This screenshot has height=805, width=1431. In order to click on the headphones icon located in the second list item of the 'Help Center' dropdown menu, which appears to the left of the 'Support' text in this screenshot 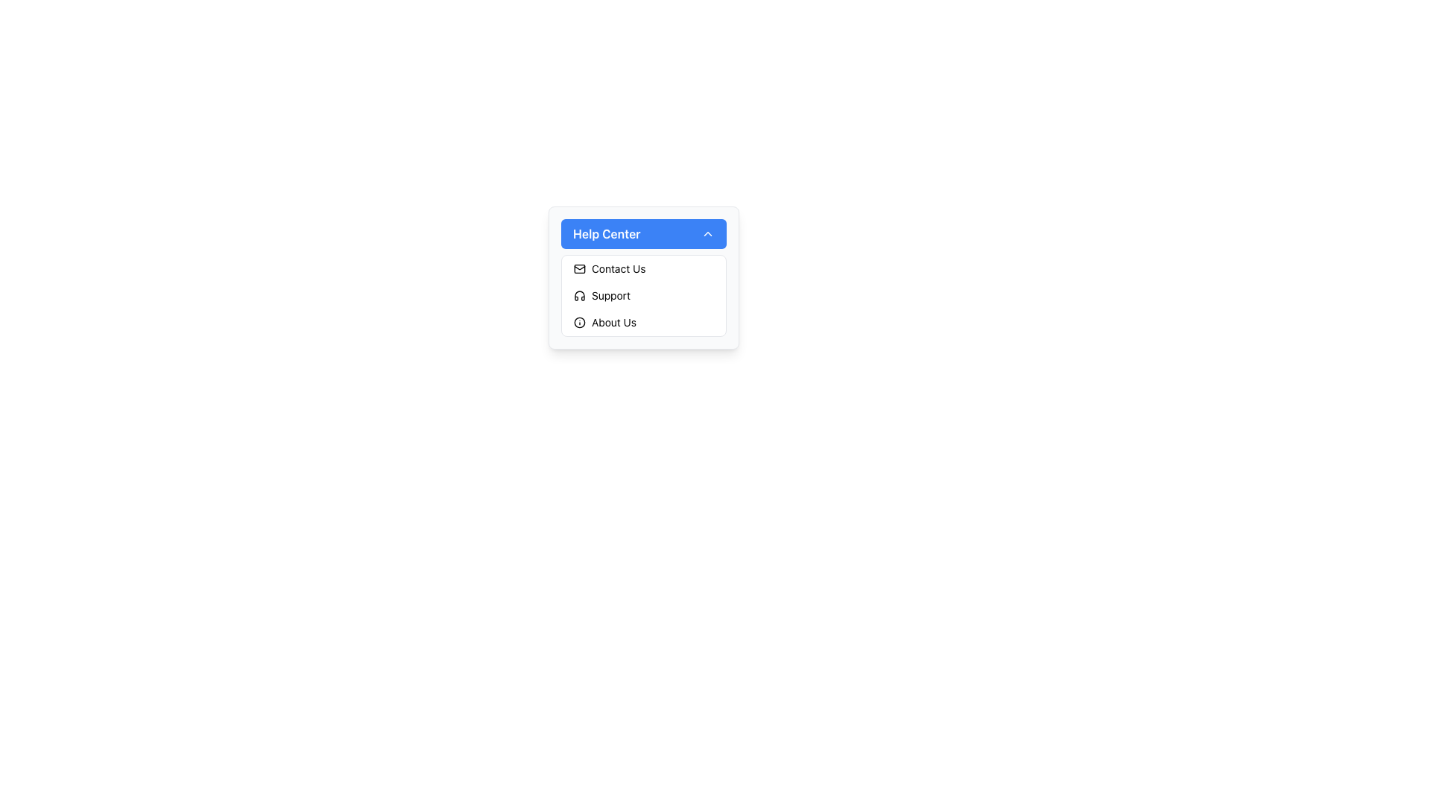, I will do `click(578, 296)`.